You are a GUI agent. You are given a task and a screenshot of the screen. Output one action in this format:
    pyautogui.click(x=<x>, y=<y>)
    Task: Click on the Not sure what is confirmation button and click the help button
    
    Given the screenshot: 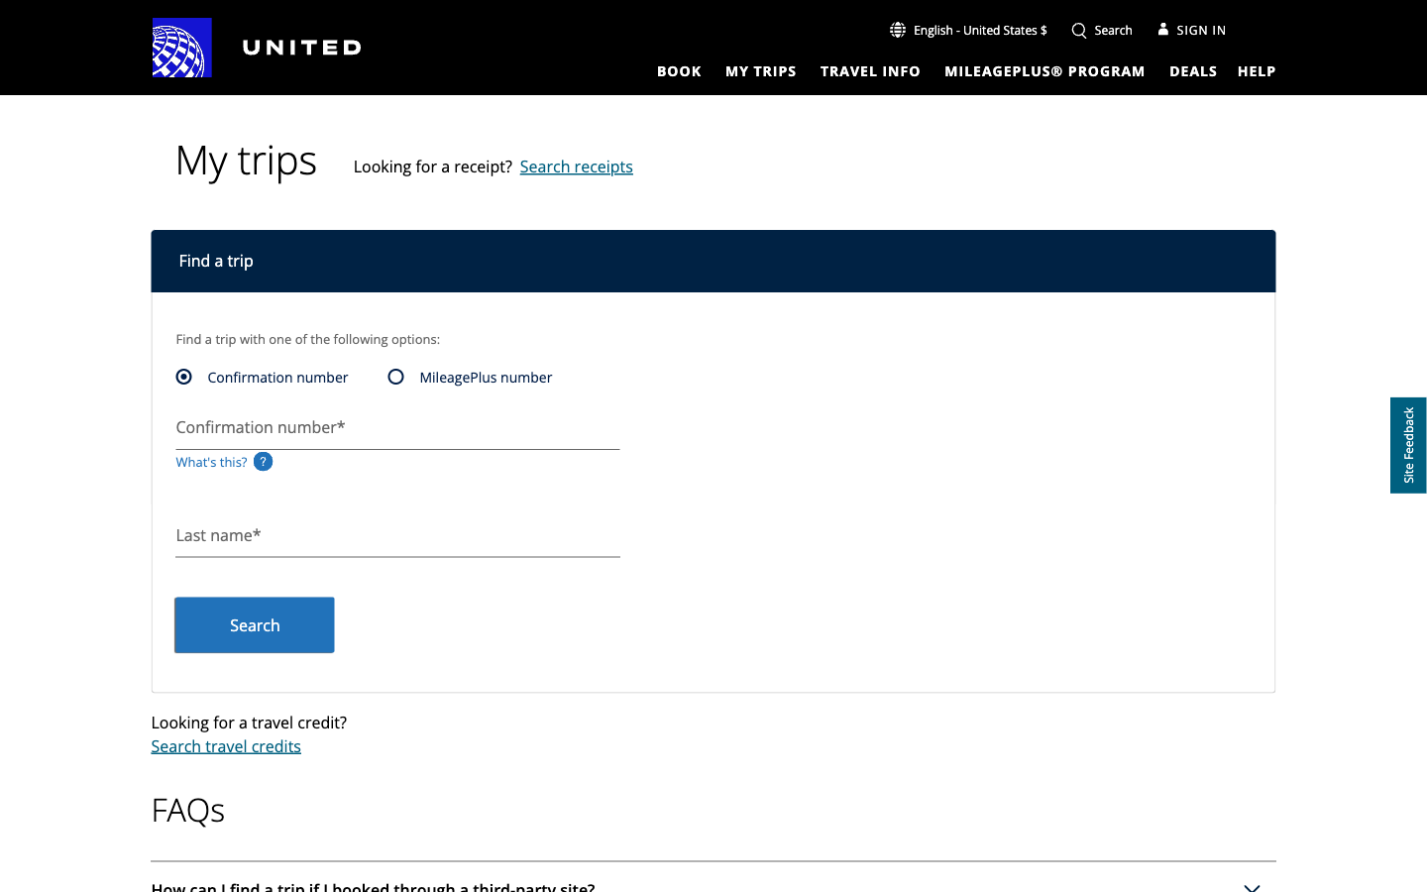 What is the action you would take?
    pyautogui.click(x=1257, y=69)
    